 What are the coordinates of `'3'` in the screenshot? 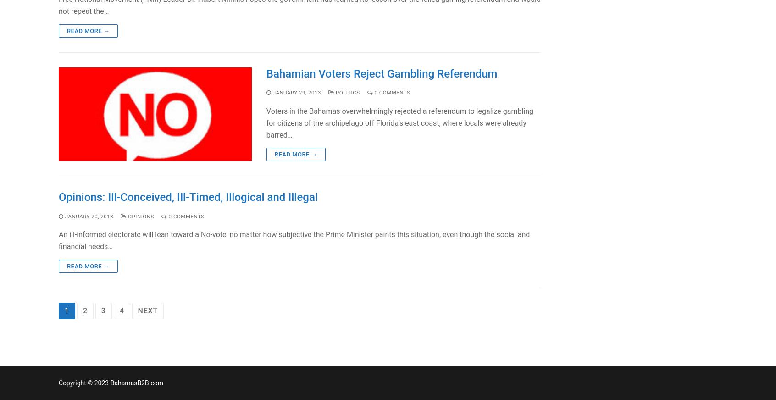 It's located at (103, 310).